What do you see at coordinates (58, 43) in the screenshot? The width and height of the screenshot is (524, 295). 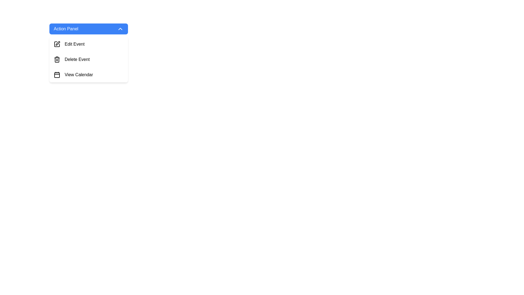 I see `the slanted pen or pencil icon in the 'Action Panel' dropdown that represents the edit function, preceding the text 'Edit Event.'` at bounding box center [58, 43].